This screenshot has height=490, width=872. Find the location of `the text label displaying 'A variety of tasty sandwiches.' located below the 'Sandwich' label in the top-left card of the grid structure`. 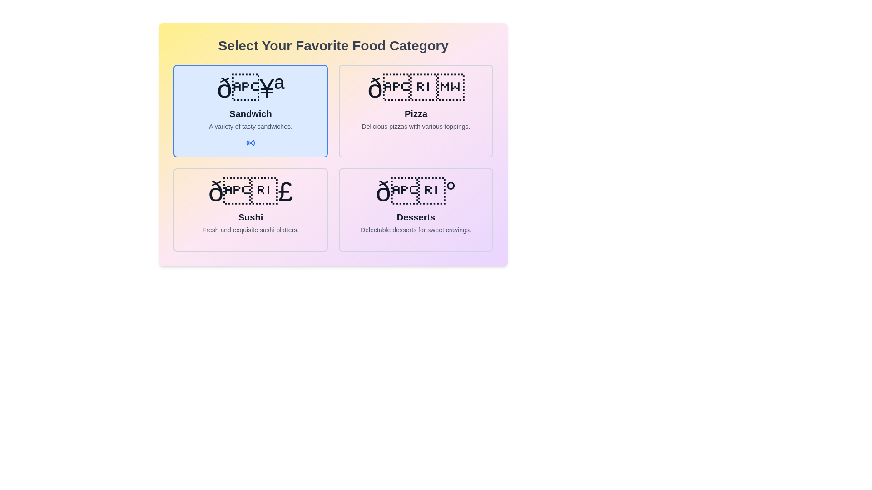

the text label displaying 'A variety of tasty sandwiches.' located below the 'Sandwich' label in the top-left card of the grid structure is located at coordinates (251, 126).